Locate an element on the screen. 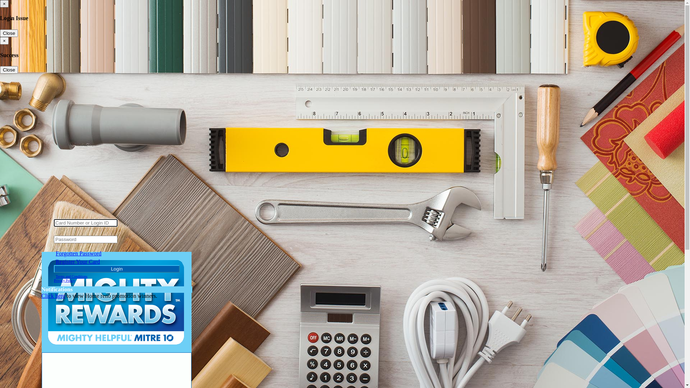 The width and height of the screenshot is (690, 388). 'Privacy Policy' is located at coordinates (64, 280).